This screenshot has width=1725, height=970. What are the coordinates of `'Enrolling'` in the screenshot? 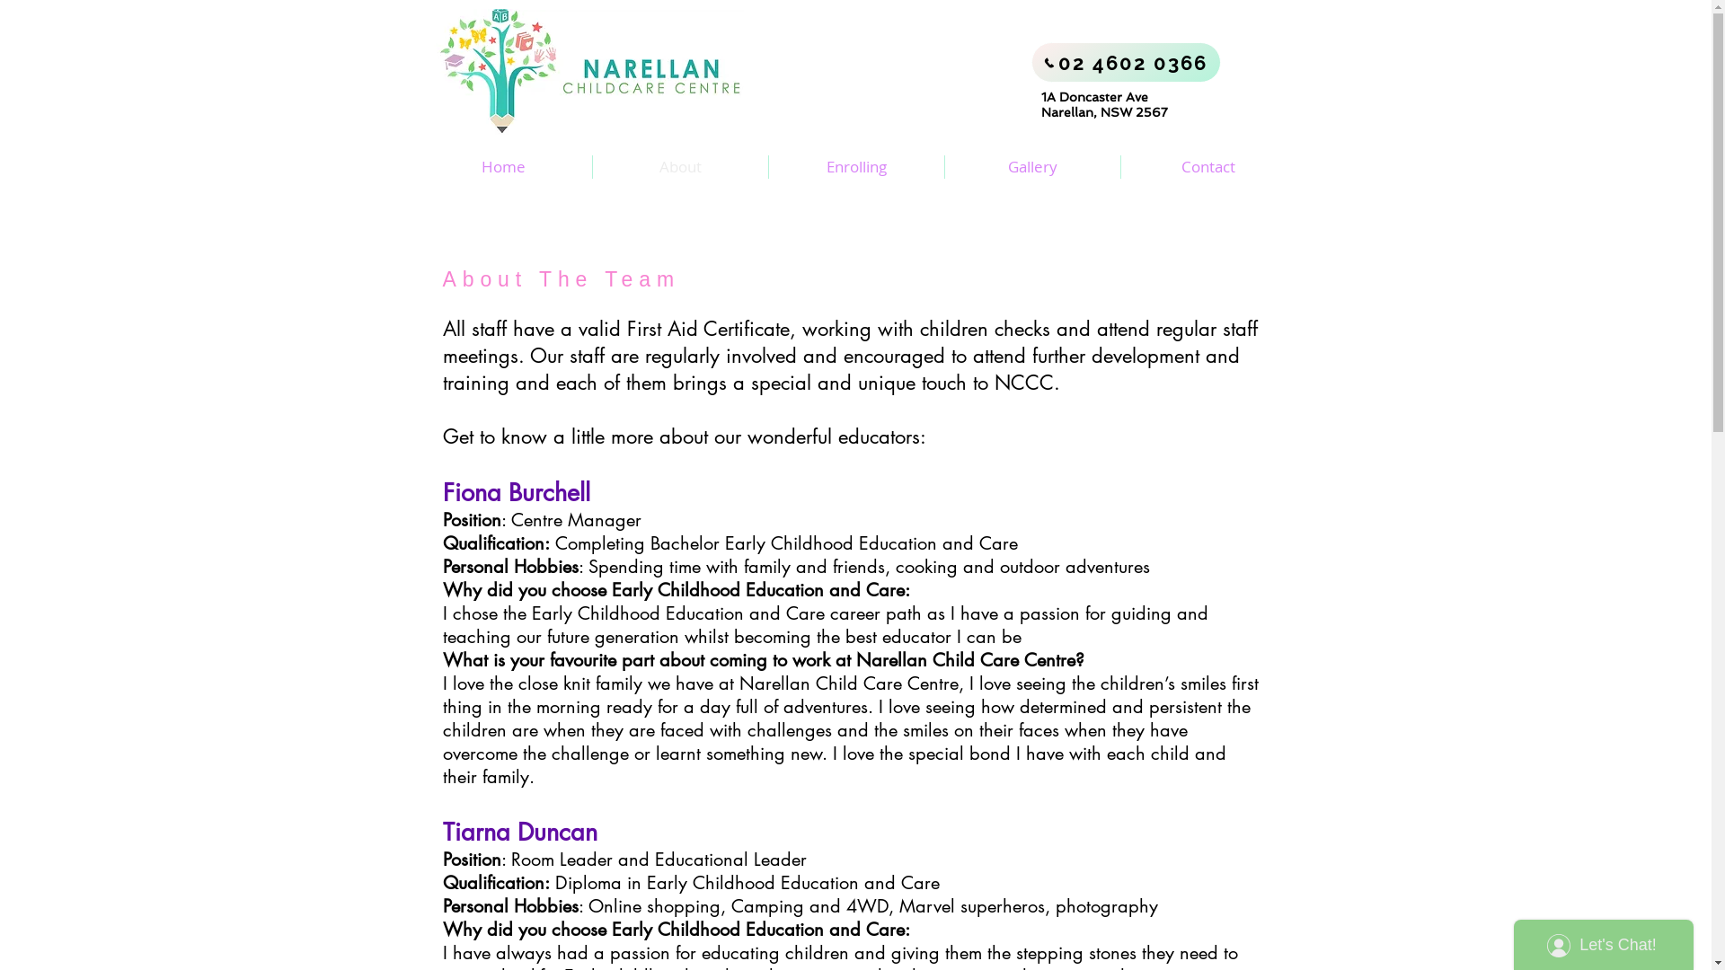 It's located at (855, 166).